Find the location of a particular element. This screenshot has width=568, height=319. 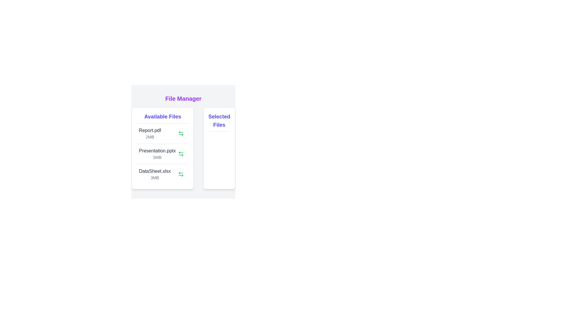

the double arrow icon in green color next to the 'DataSheet.xlsx' file under the 'Available Files' section is located at coordinates (181, 174).